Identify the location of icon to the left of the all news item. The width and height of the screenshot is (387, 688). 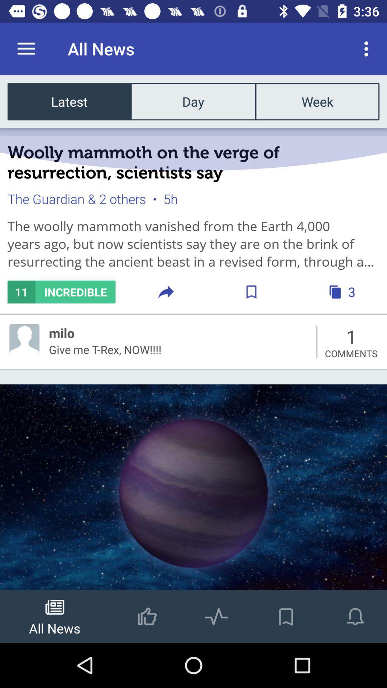
(26, 48).